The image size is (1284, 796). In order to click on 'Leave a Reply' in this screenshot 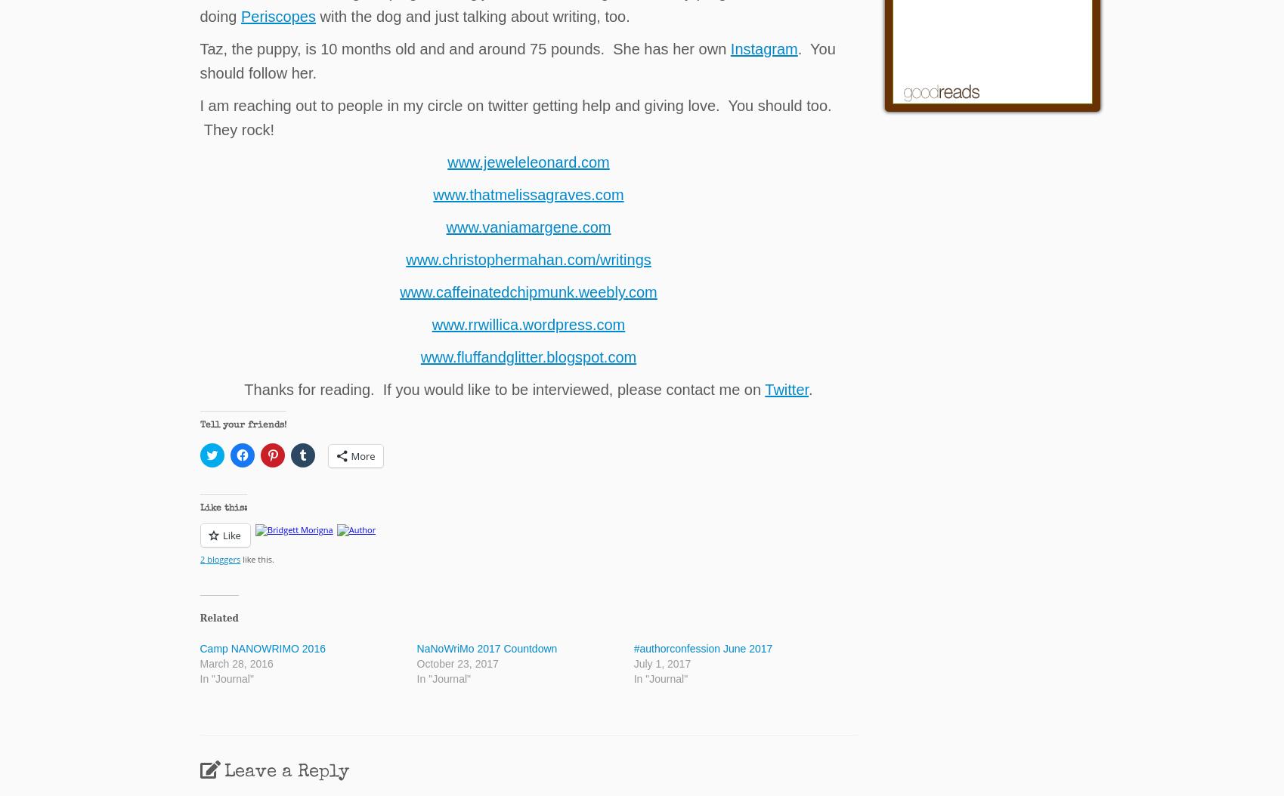, I will do `click(286, 772)`.